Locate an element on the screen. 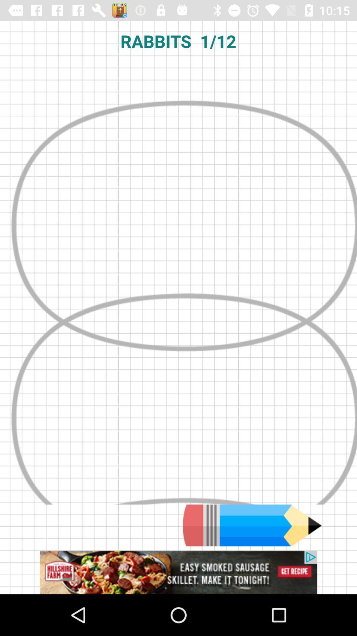 The height and width of the screenshot is (636, 357). advertisement is located at coordinates (178, 572).